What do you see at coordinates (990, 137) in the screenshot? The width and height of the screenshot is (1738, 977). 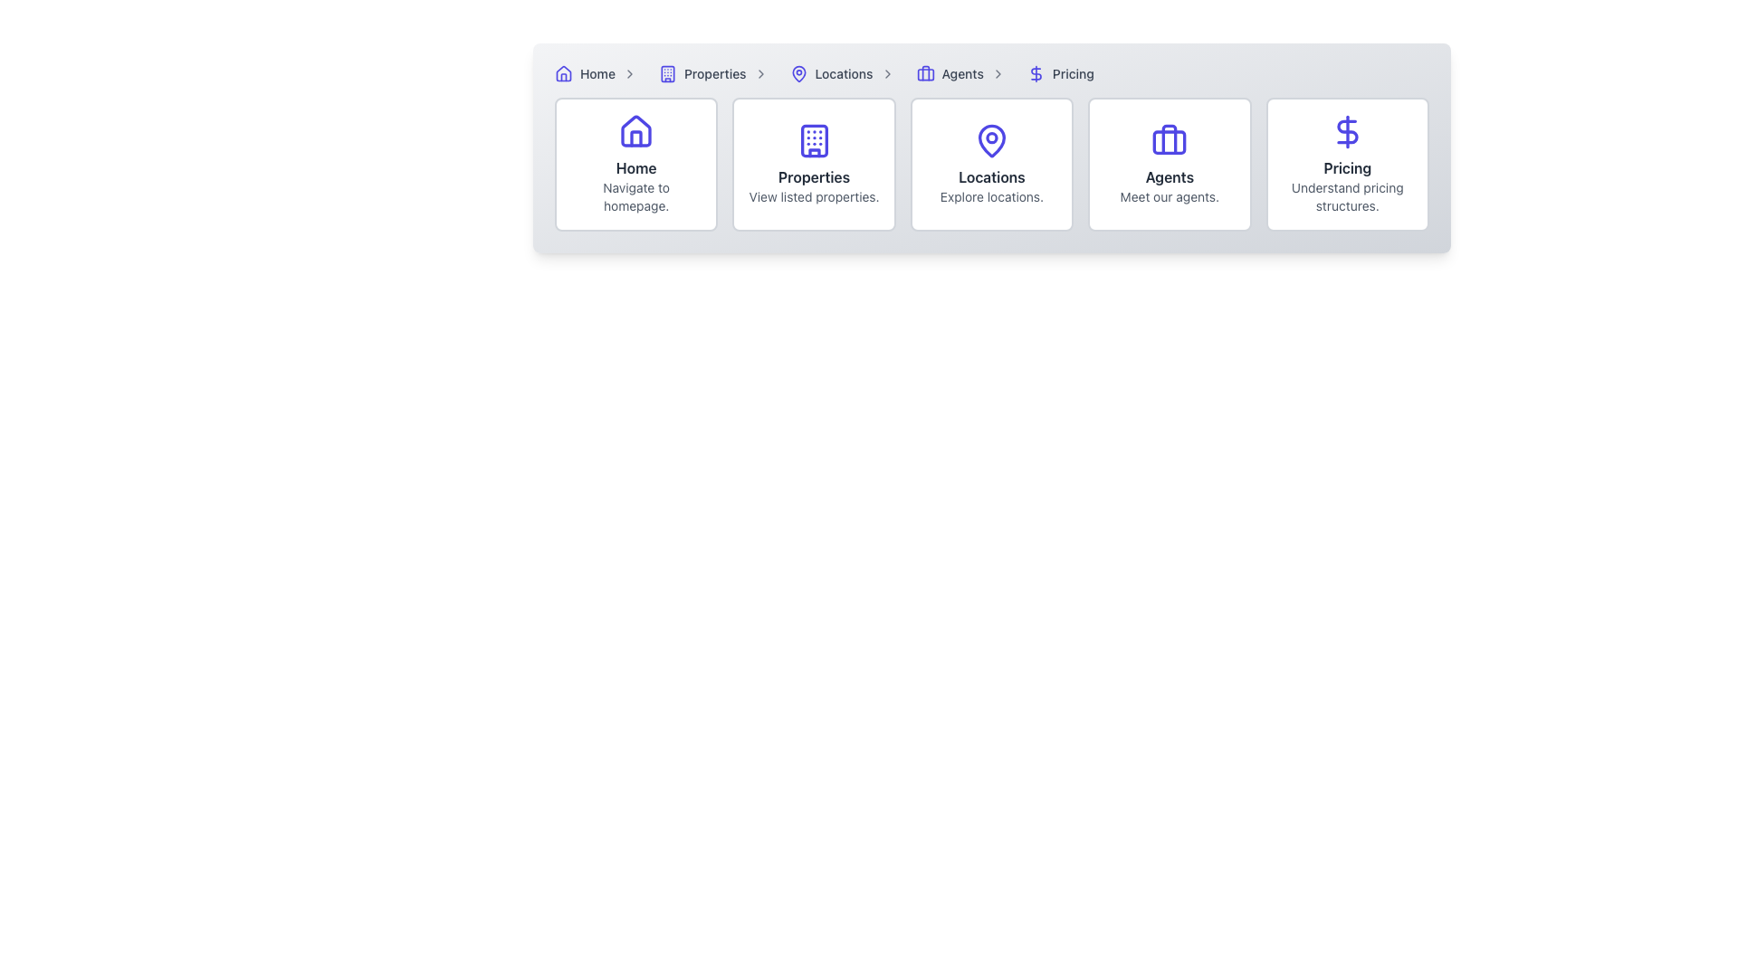 I see `the inner red circular component of the map pin icon located within the 'Locations' card of the navigation interface` at bounding box center [990, 137].